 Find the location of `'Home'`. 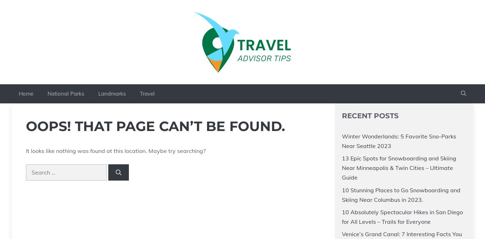

'Home' is located at coordinates (26, 93).